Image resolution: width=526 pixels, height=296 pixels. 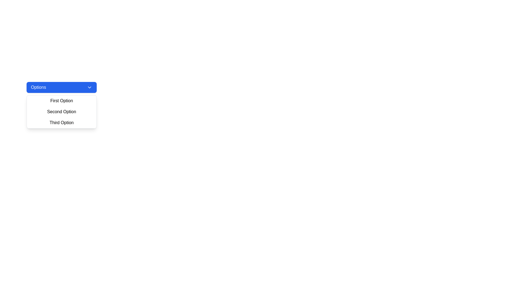 I want to click on the 'First Option' menu item in the dropdown menu, so click(x=62, y=101).